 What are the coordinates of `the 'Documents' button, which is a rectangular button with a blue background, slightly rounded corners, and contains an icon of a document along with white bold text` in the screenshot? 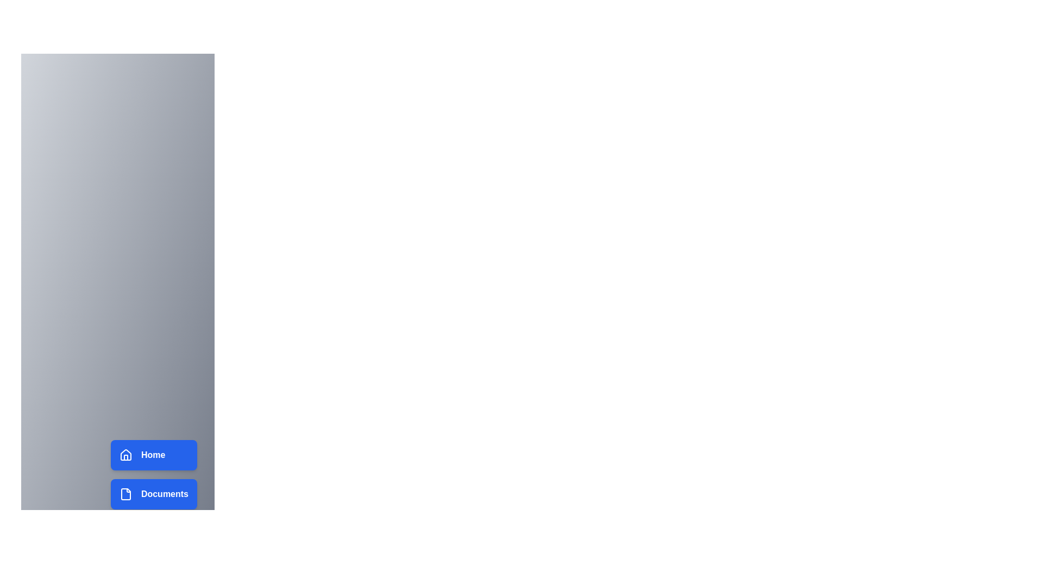 It's located at (153, 494).